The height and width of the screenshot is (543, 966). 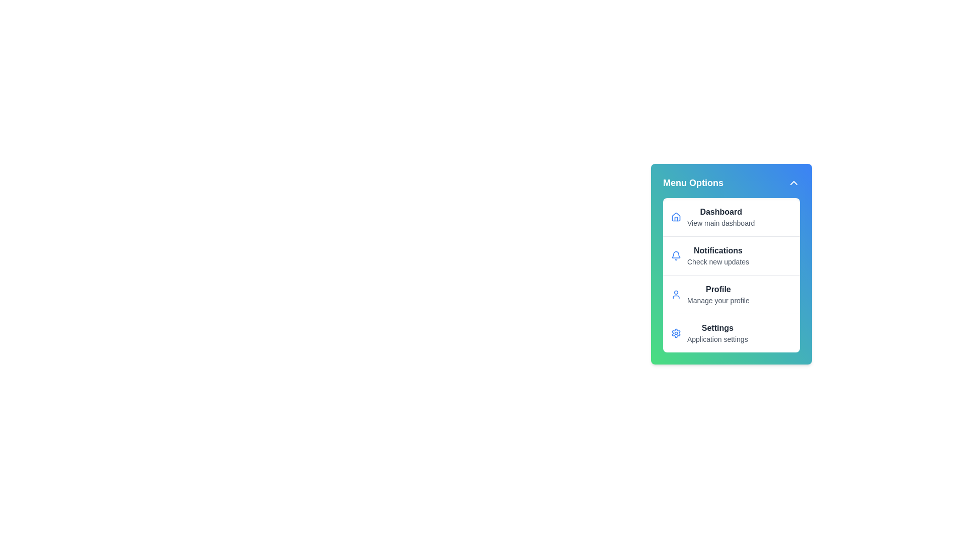 I want to click on the menu item corresponding to Dashboard, so click(x=732, y=217).